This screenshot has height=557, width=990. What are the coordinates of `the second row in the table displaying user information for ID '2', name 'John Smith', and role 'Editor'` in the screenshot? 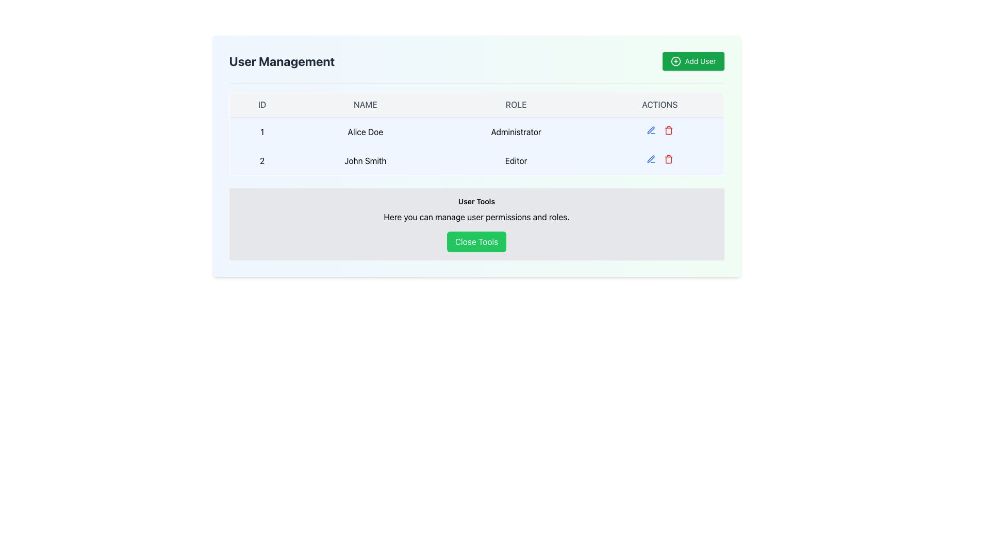 It's located at (476, 161).